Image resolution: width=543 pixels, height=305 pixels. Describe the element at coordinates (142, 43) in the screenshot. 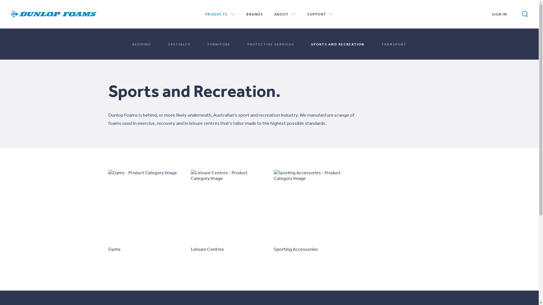

I see `'BEDDING'` at that location.